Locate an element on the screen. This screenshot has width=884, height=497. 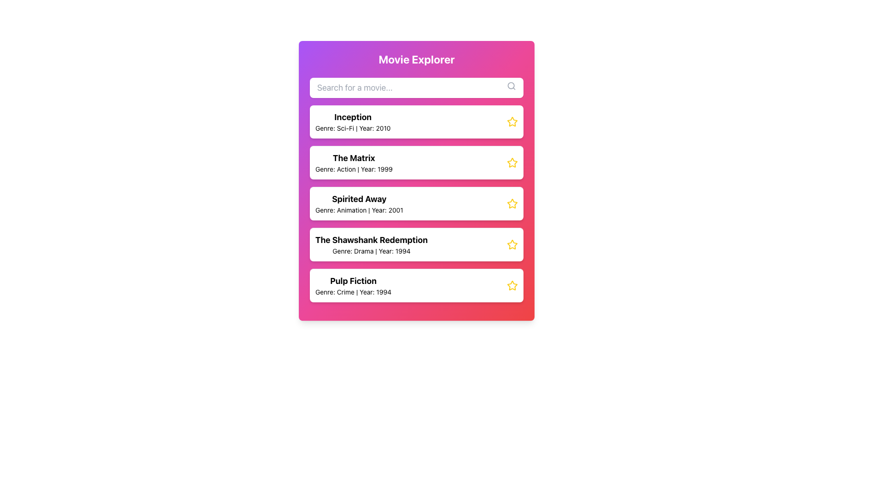
the search icon located at the far right of the input field in the search bar area is located at coordinates (511, 86).